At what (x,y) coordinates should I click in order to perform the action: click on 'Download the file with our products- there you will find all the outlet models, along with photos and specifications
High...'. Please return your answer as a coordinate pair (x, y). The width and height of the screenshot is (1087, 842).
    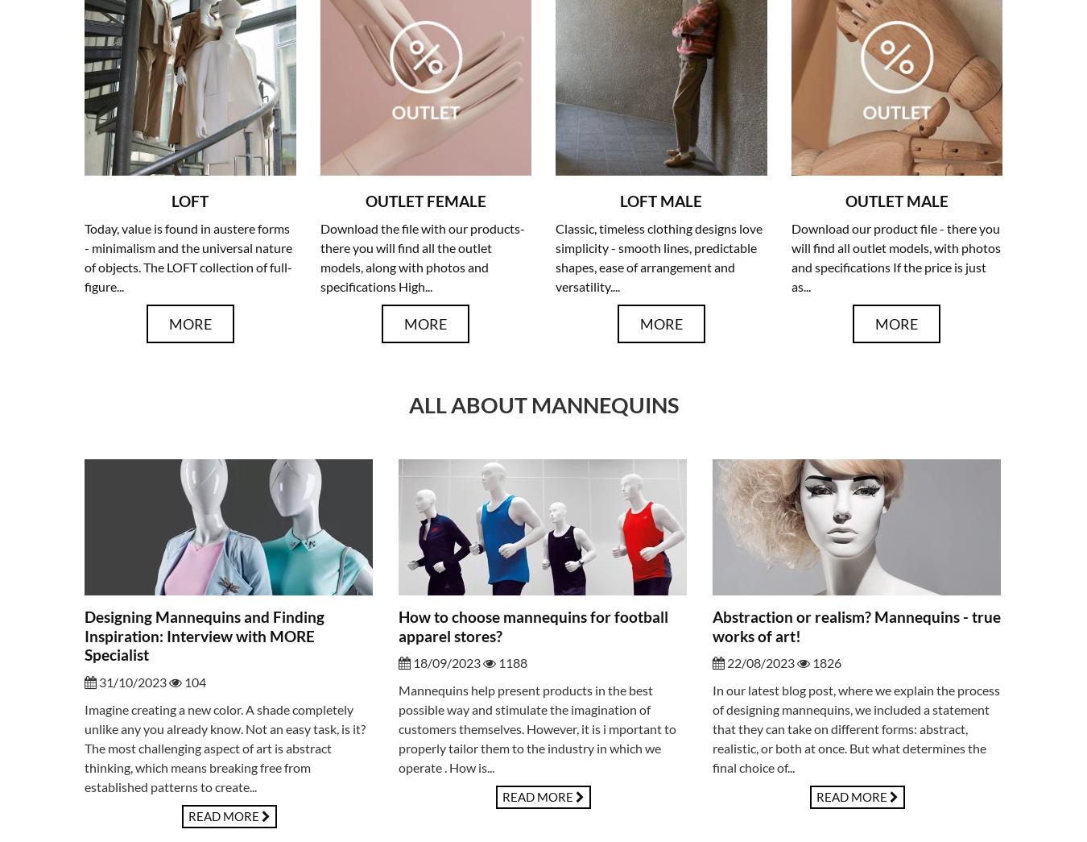
    Looking at the image, I should click on (420, 257).